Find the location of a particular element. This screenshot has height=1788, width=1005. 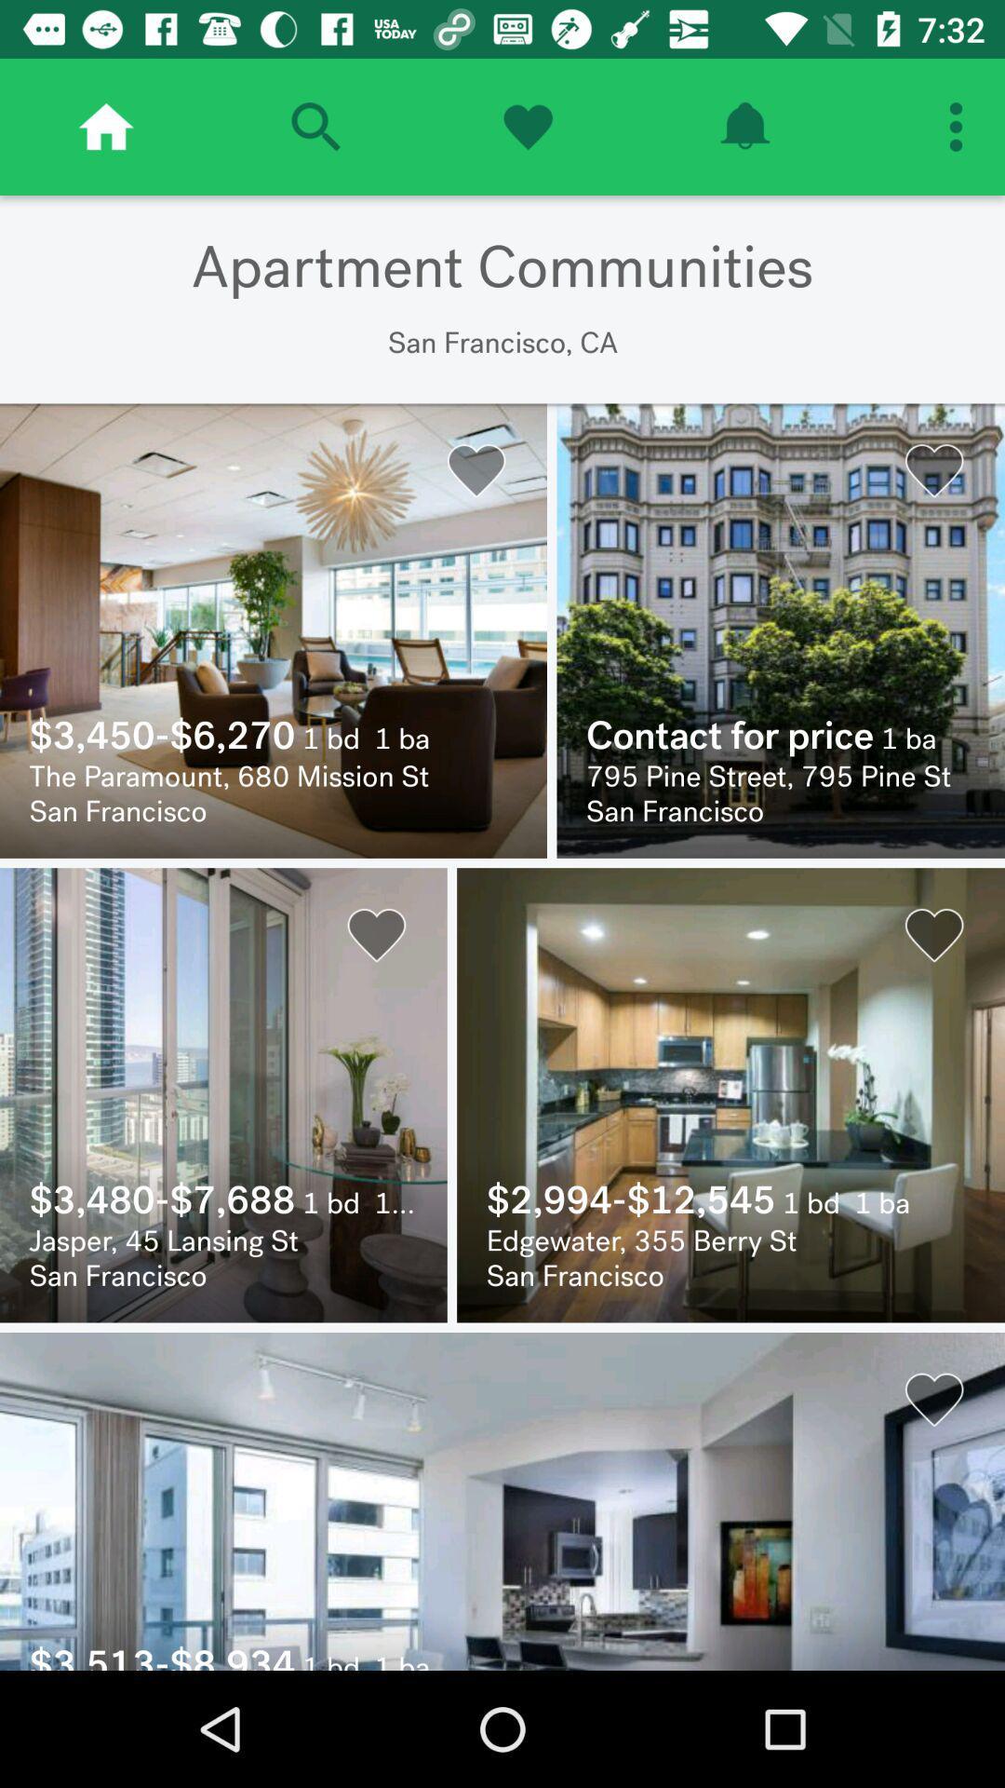

alart option is located at coordinates (744, 126).